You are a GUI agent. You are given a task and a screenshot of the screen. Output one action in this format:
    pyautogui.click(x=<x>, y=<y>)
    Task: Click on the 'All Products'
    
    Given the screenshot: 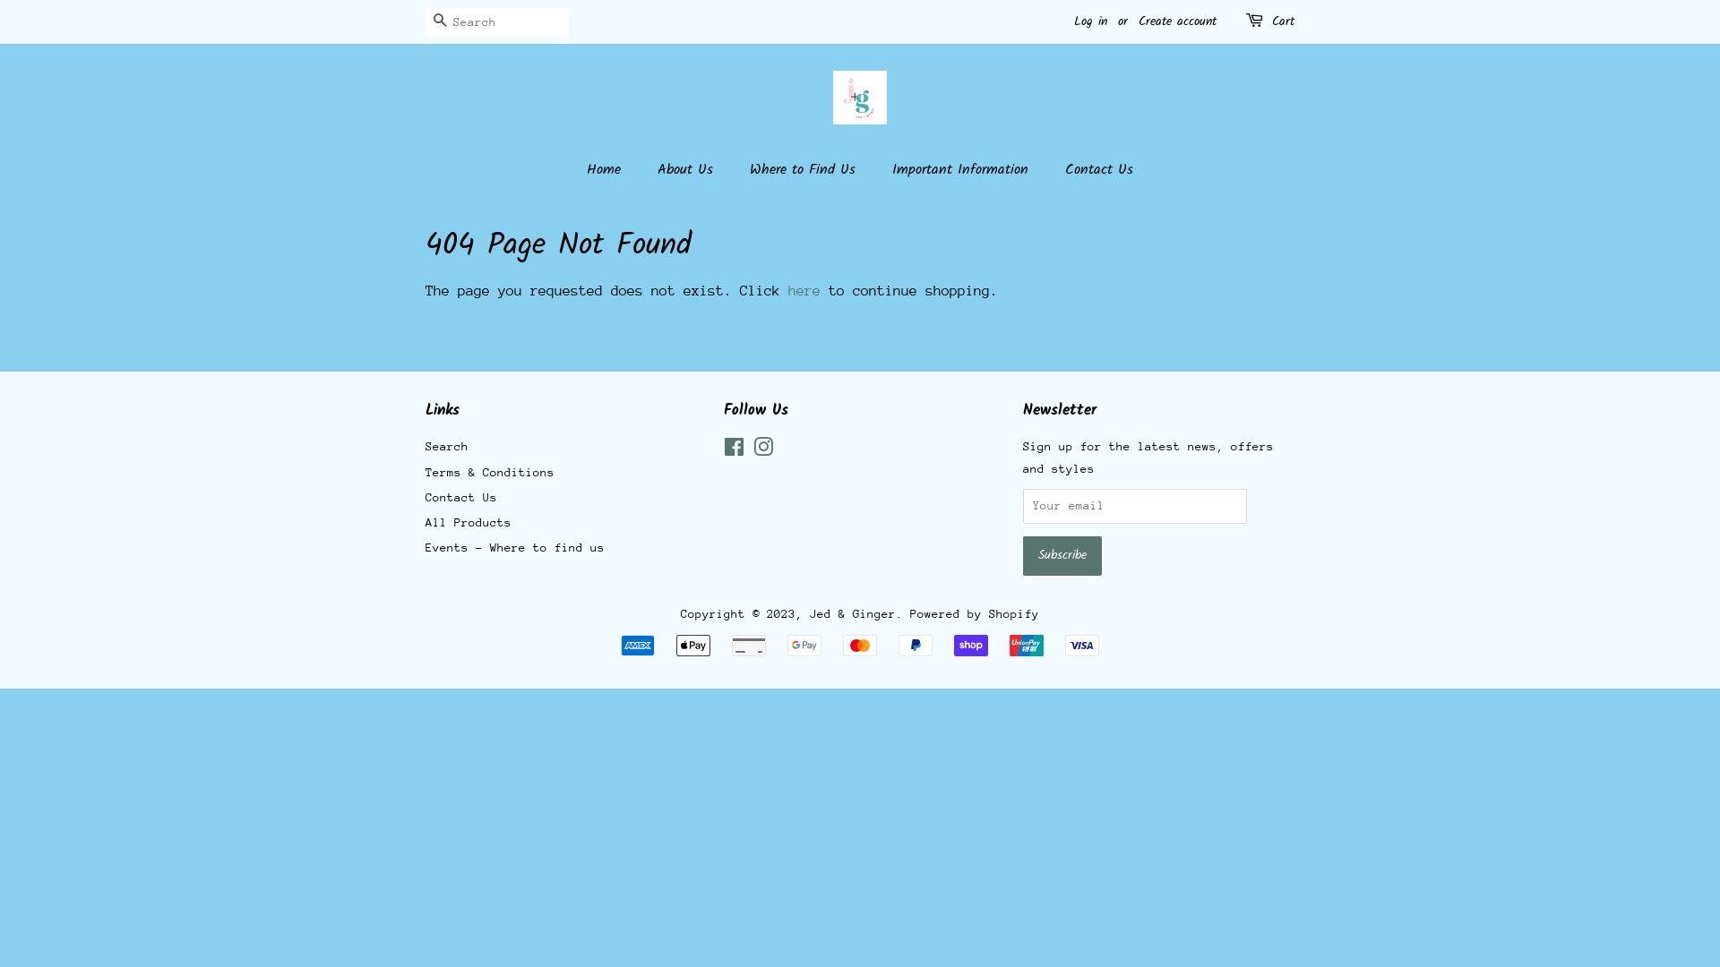 What is the action you would take?
    pyautogui.click(x=469, y=522)
    